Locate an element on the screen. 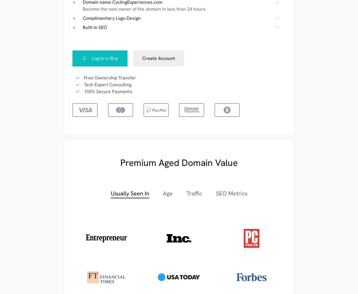 The width and height of the screenshot is (358, 294). 'Free Ownership Transfer' is located at coordinates (110, 77).